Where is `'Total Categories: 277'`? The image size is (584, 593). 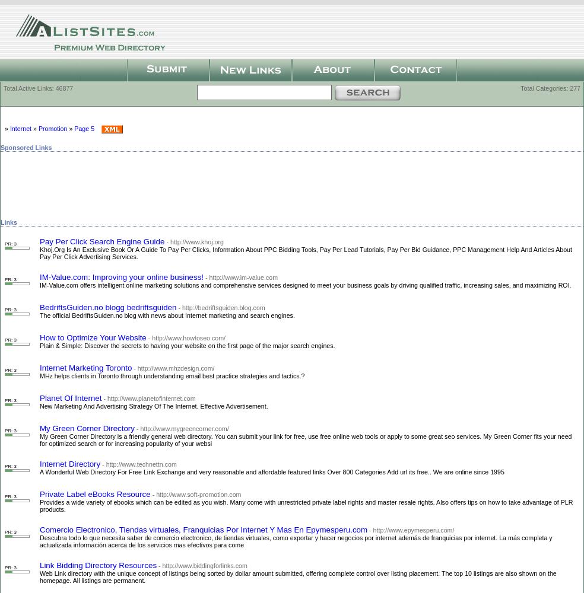 'Total Categories: 277' is located at coordinates (520, 88).